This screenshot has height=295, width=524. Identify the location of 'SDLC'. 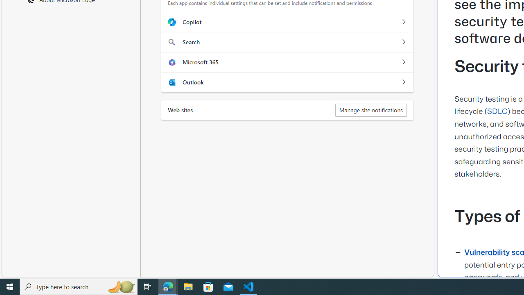
(497, 112).